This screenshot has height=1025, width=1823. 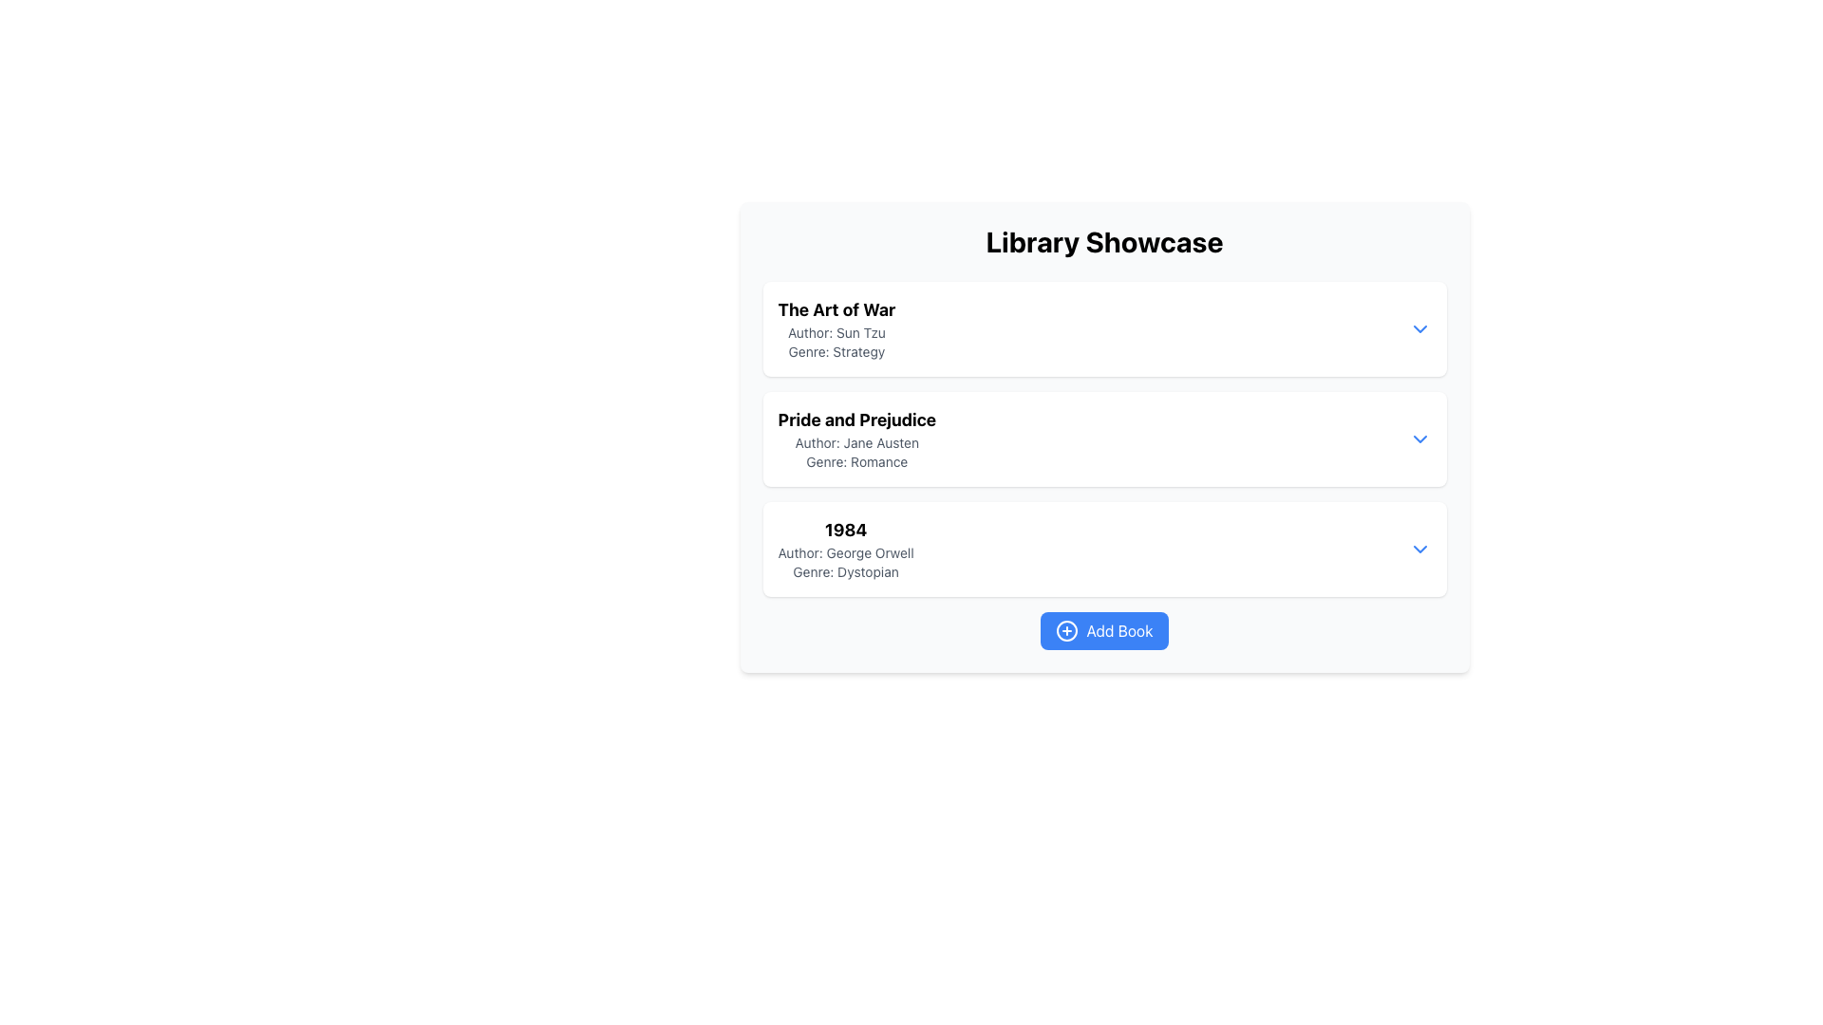 I want to click on the circular icon with a plus symbol inside, which is located within the blue rectangular button labeled 'Add Book', so click(x=1066, y=630).